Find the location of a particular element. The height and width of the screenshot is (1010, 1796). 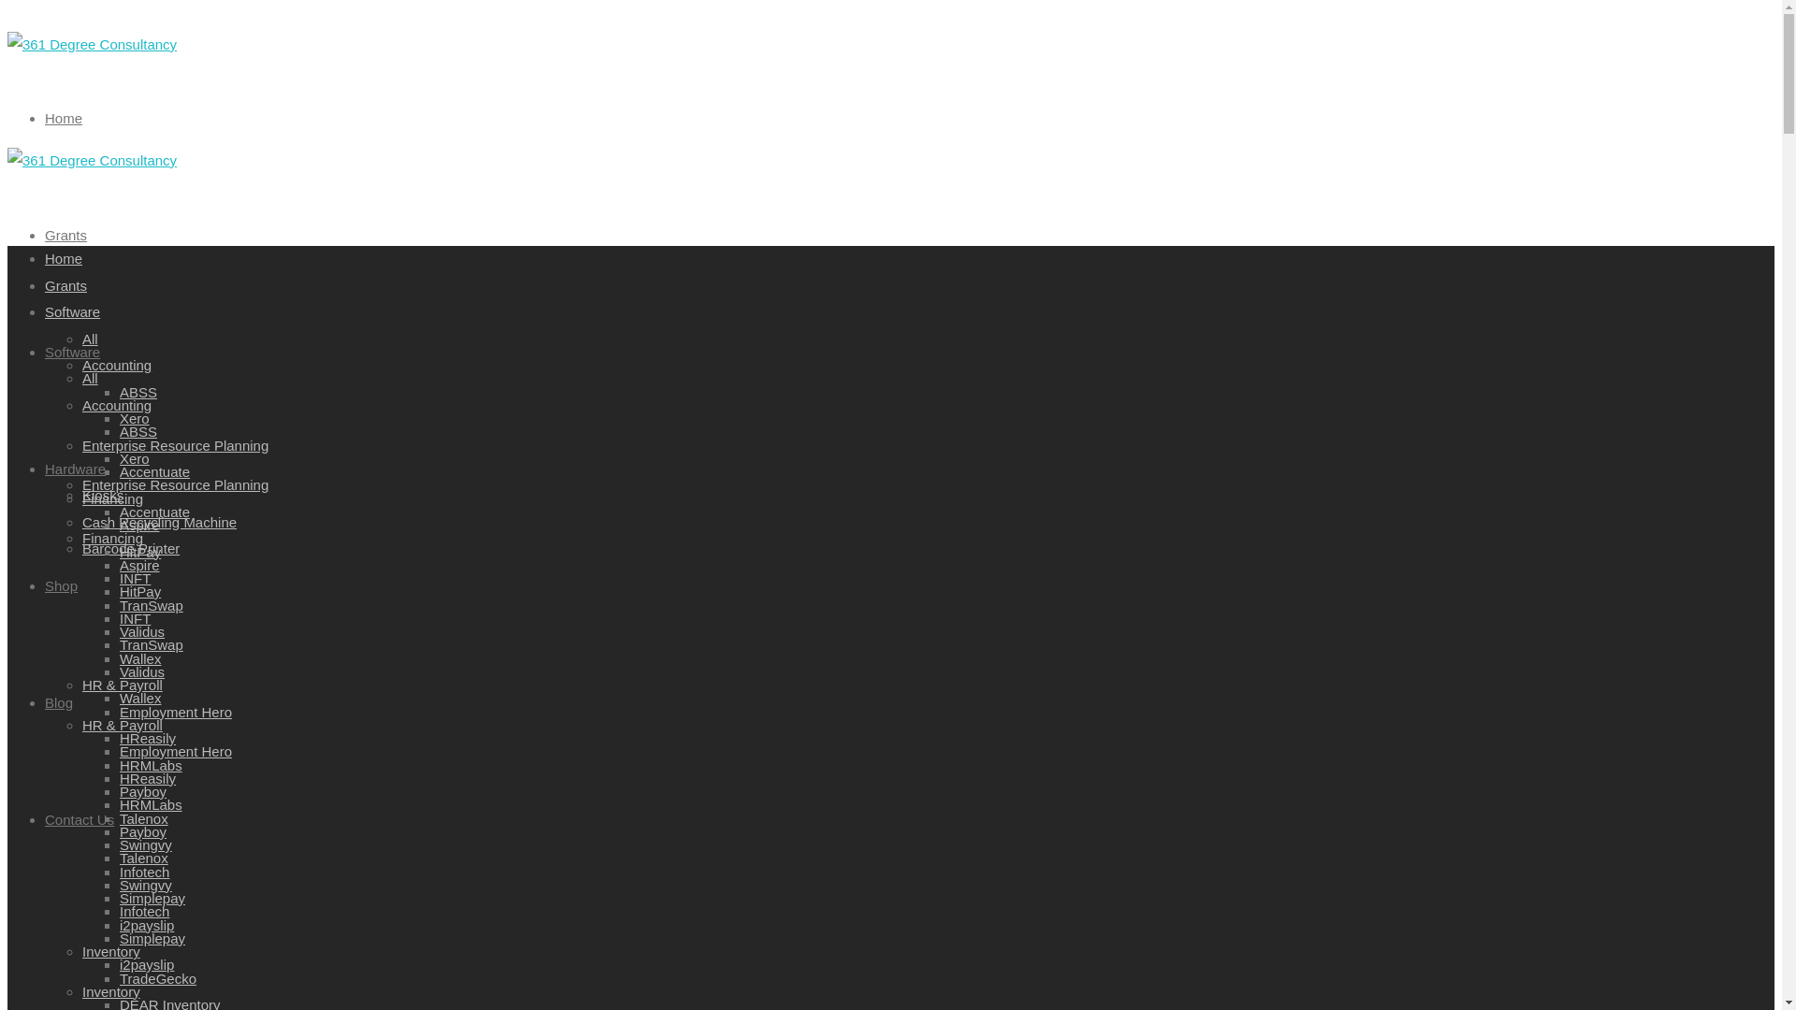

'Validus' is located at coordinates (141, 631).